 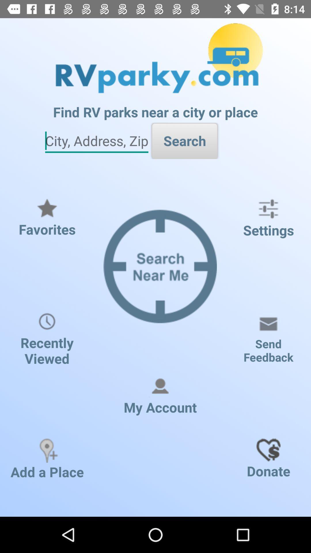 What do you see at coordinates (96, 141) in the screenshot?
I see `input city address and zip code` at bounding box center [96, 141].